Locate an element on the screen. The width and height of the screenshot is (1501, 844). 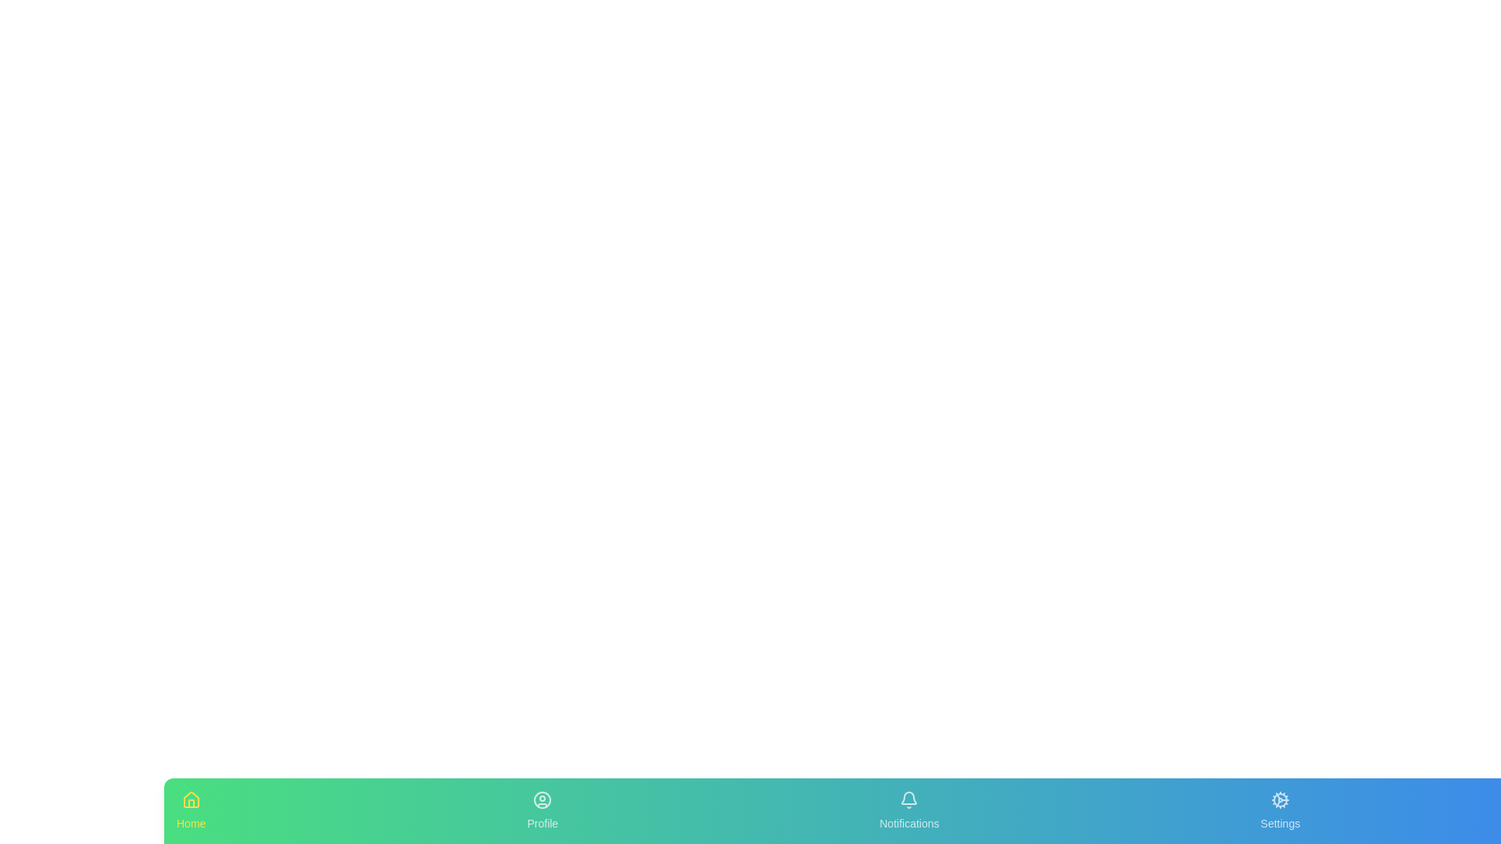
the Notifications tab in the bottom navigation is located at coordinates (908, 810).